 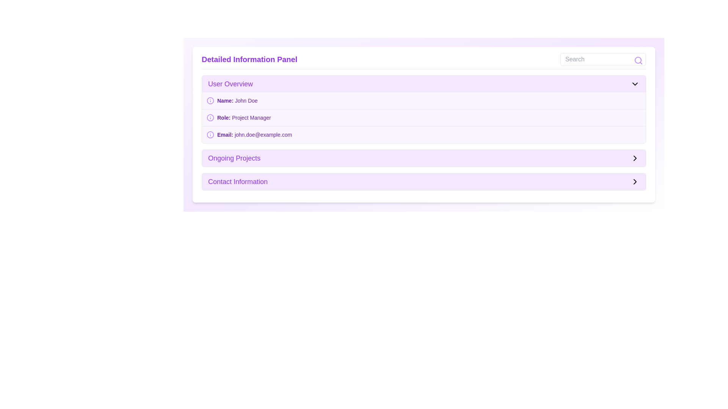 What do you see at coordinates (225, 134) in the screenshot?
I see `the Text Label indicating the email address in the 'User Overview' section, located next to 'john.doe@example.com'` at bounding box center [225, 134].